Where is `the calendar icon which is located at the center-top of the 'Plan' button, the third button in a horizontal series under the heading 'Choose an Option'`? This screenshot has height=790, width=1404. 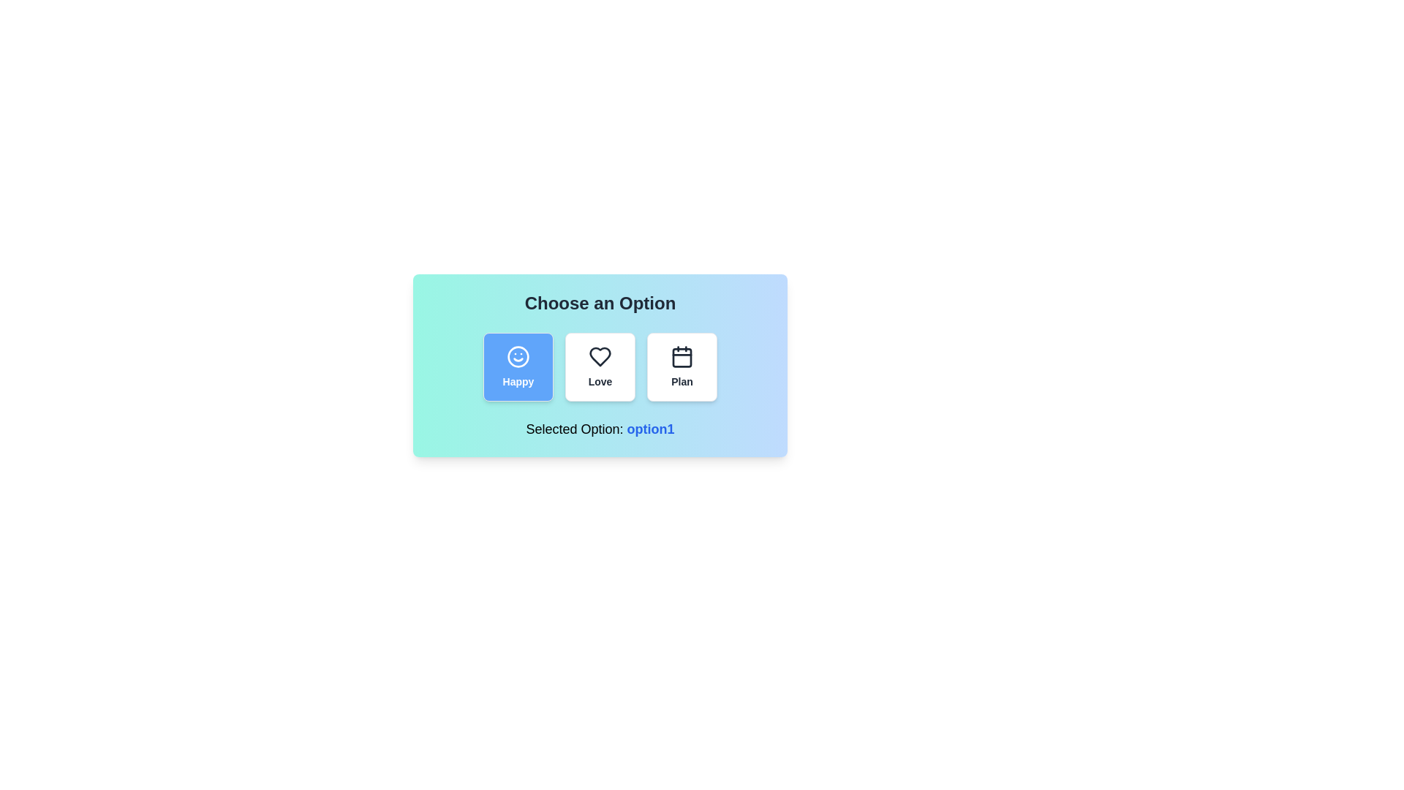
the calendar icon which is located at the center-top of the 'Plan' button, the third button in a horizontal series under the heading 'Choose an Option' is located at coordinates (681, 357).